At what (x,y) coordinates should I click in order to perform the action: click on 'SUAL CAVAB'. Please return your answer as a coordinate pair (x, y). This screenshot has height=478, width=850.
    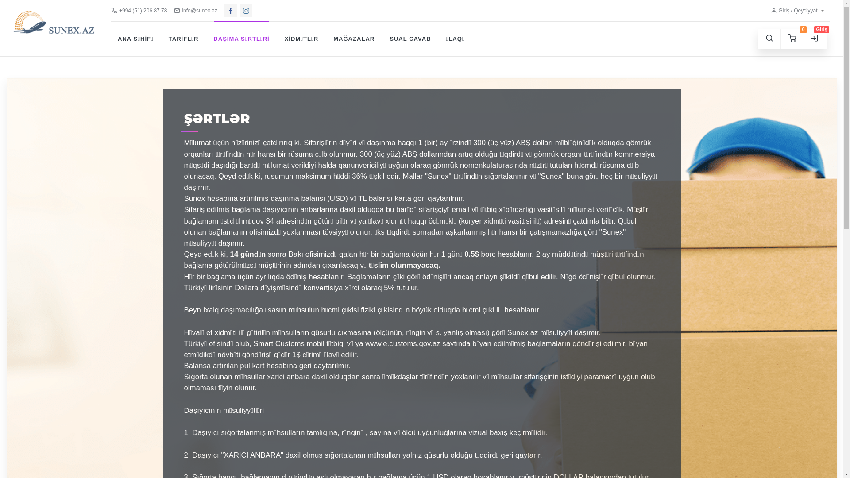
    Looking at the image, I should click on (410, 39).